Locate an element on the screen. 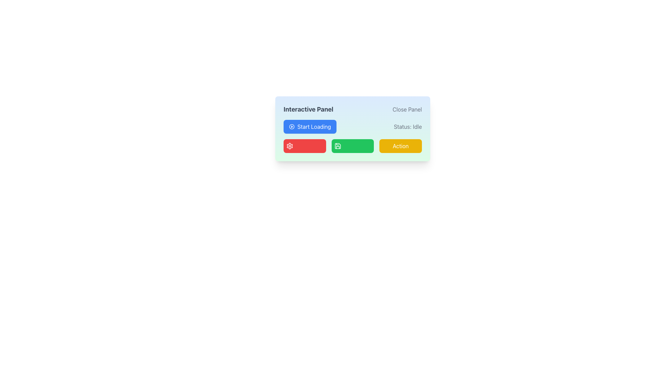 The height and width of the screenshot is (373, 664). the text label displaying 'Status: Idle', which is styled in gray and located to the right of the 'Start Loading' button on the top-right of the interactive panel is located at coordinates (408, 126).